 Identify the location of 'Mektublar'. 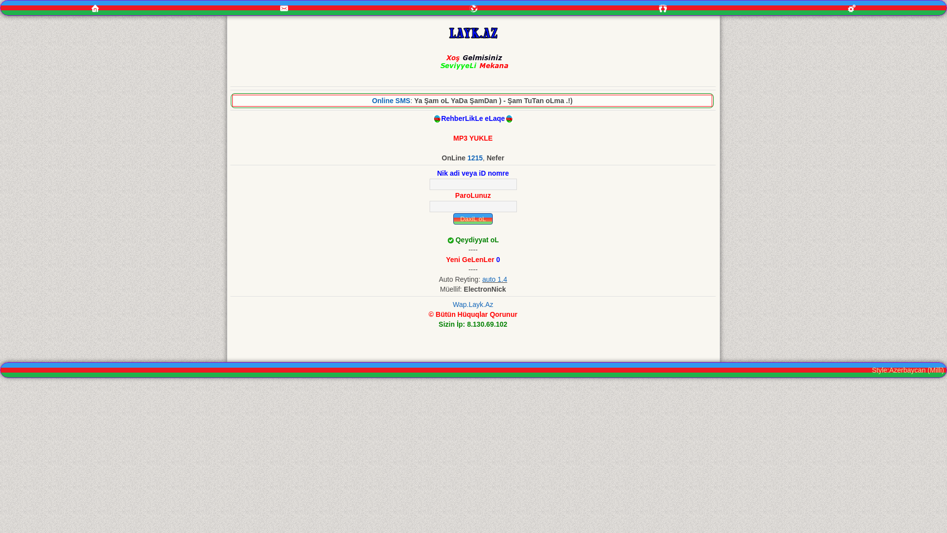
(473, 8).